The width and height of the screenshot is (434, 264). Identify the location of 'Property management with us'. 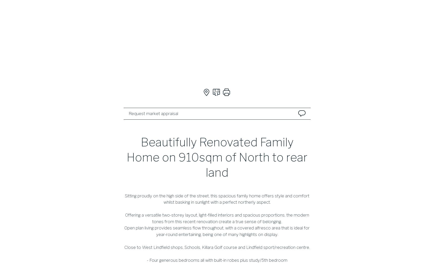
(258, 157).